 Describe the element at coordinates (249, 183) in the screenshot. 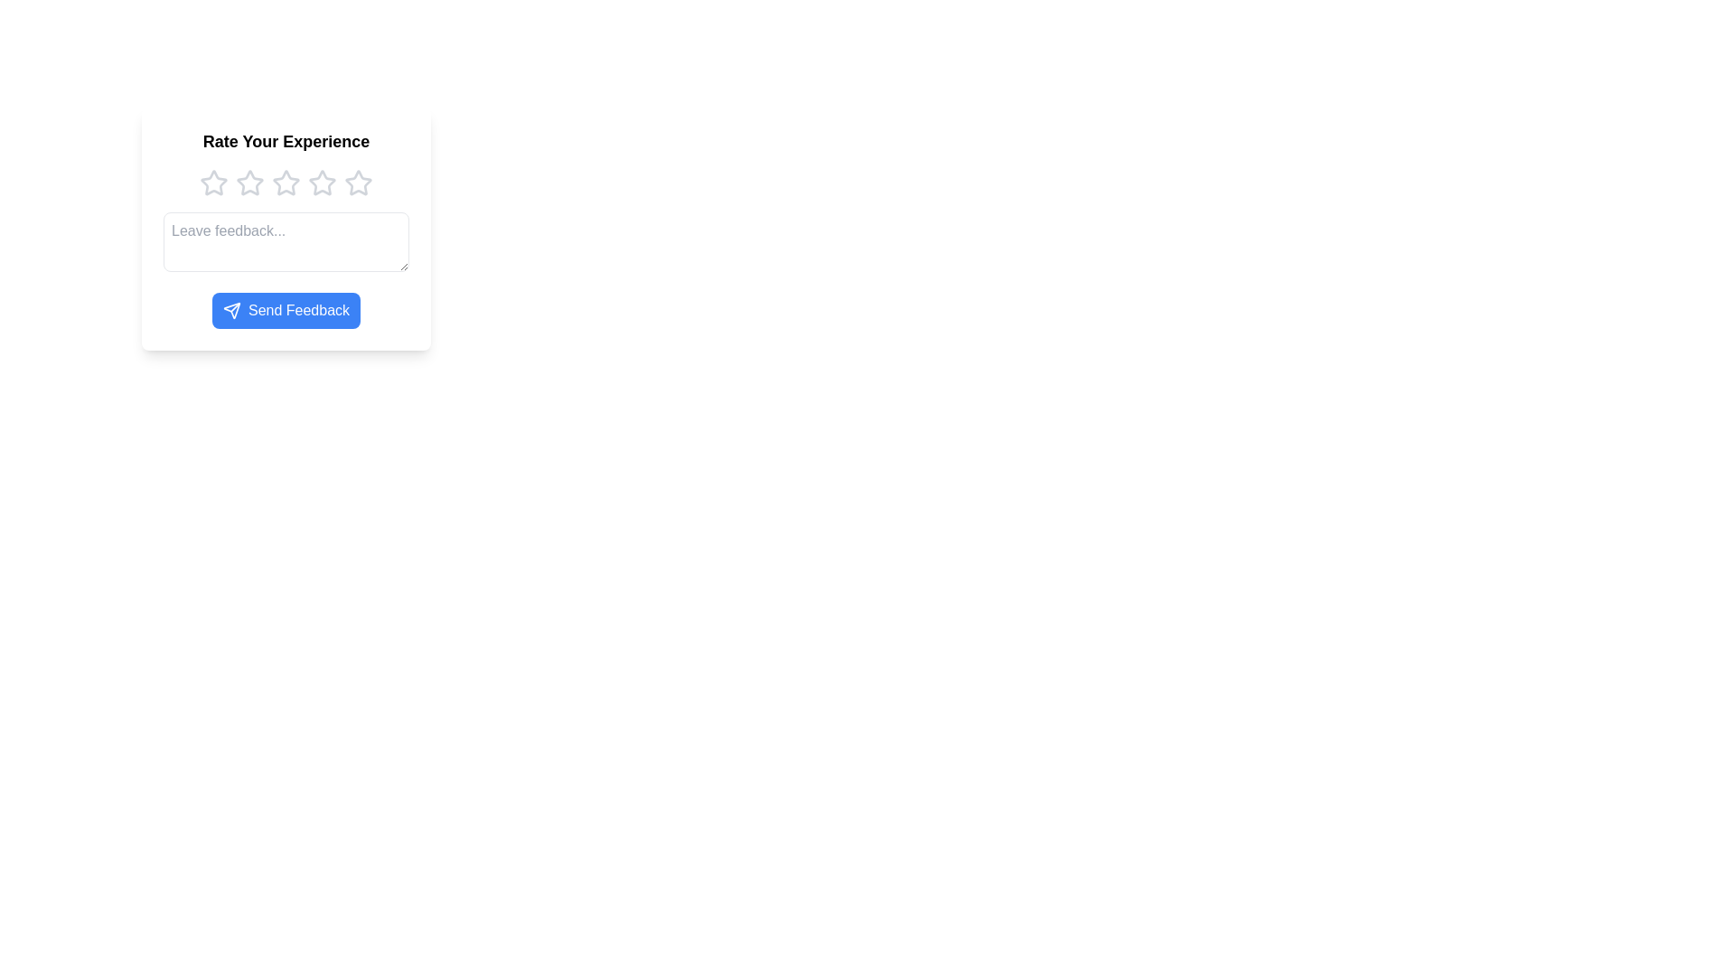

I see `the second star in the series of five rating stars located in the upper center of the feedback card, just below the 'Rate Your Experience' text` at that location.